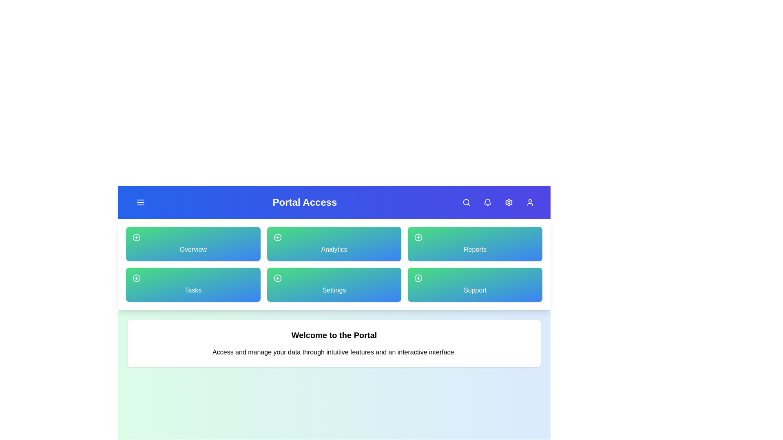 The height and width of the screenshot is (440, 783). Describe the element at coordinates (192, 284) in the screenshot. I see `the 'Tasks' card in the EnhancedNavBar component` at that location.